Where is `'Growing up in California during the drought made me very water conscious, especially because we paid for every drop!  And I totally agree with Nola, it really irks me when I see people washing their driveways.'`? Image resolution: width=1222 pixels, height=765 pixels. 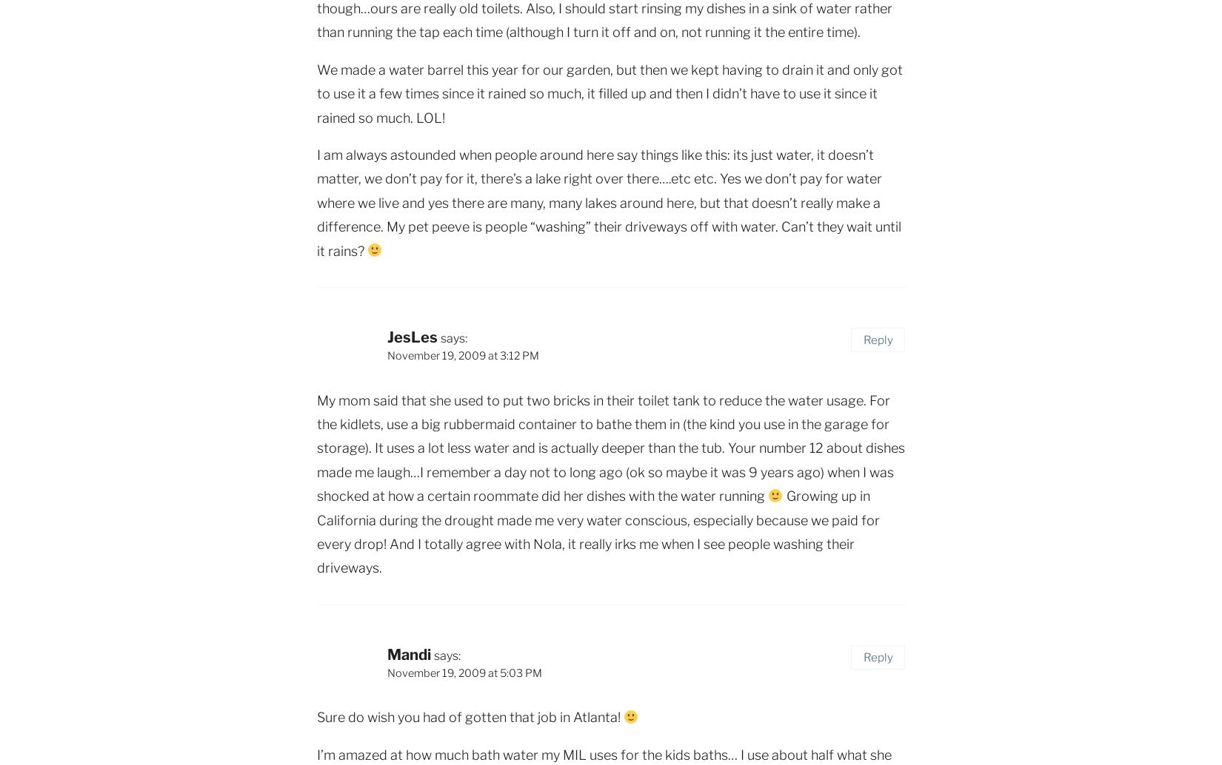
'Growing up in California during the drought made me very water conscious, especially because we paid for every drop!  And I totally agree with Nola, it really irks me when I see people washing their driveways.' is located at coordinates (598, 532).